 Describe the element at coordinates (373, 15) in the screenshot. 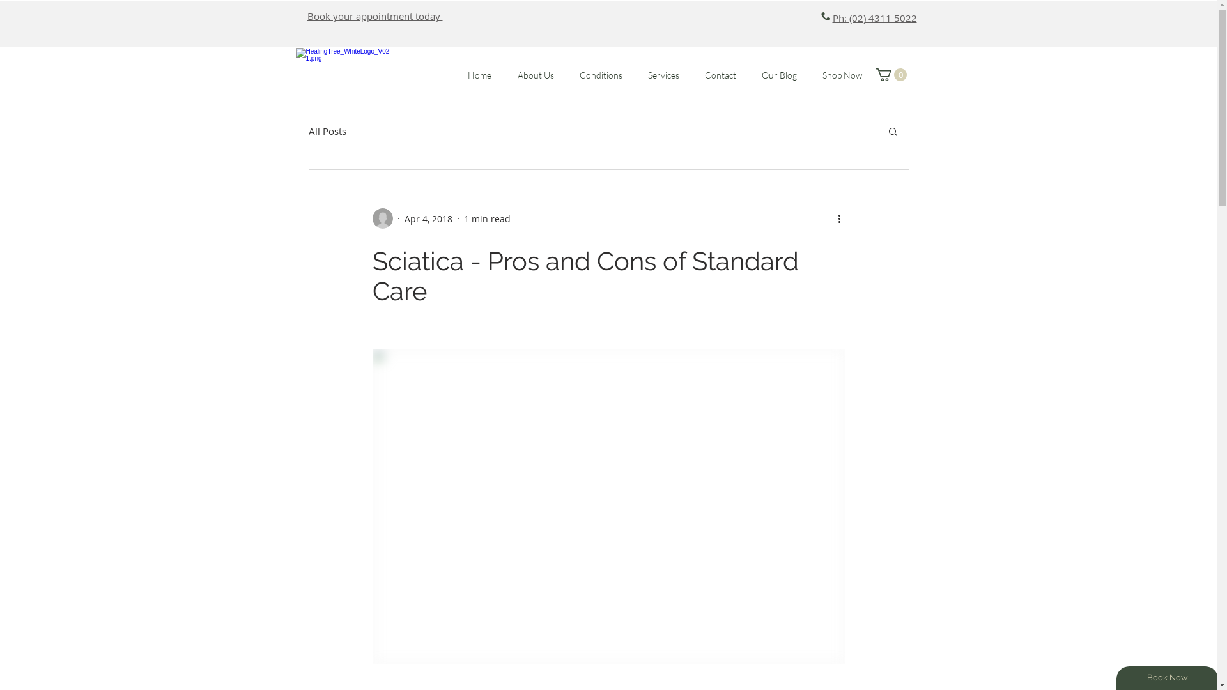

I see `'Book your appointment today '` at that location.